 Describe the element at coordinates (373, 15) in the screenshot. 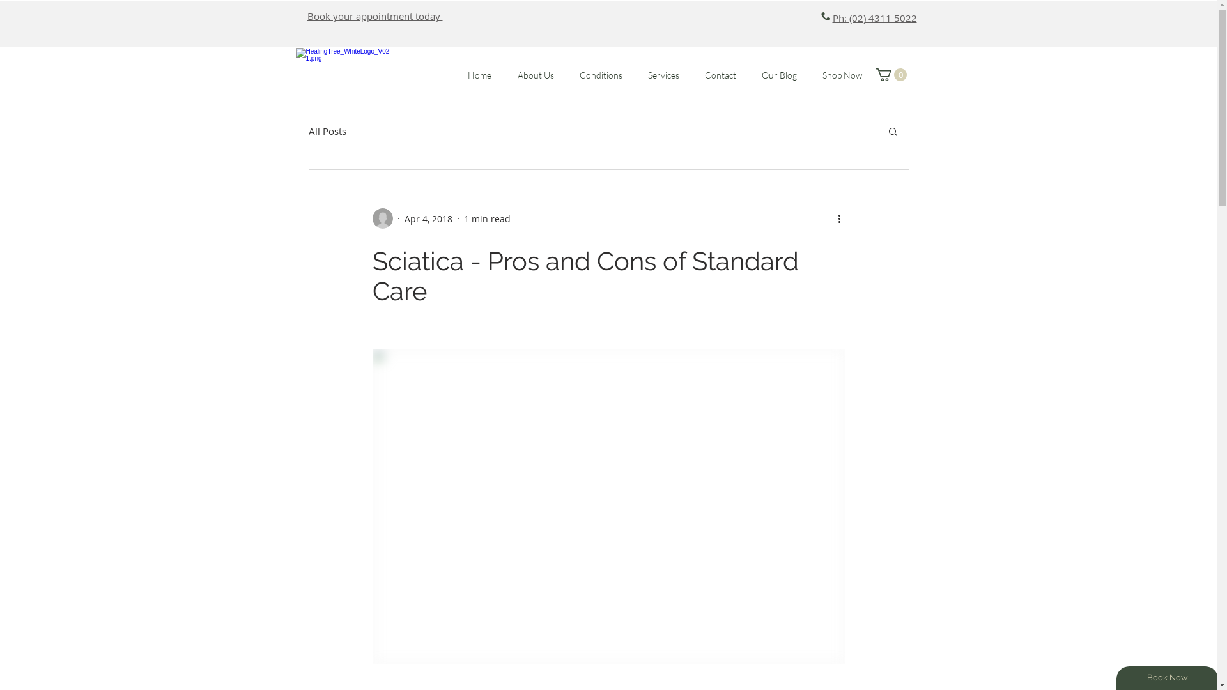

I see `'Book your appointment today '` at that location.